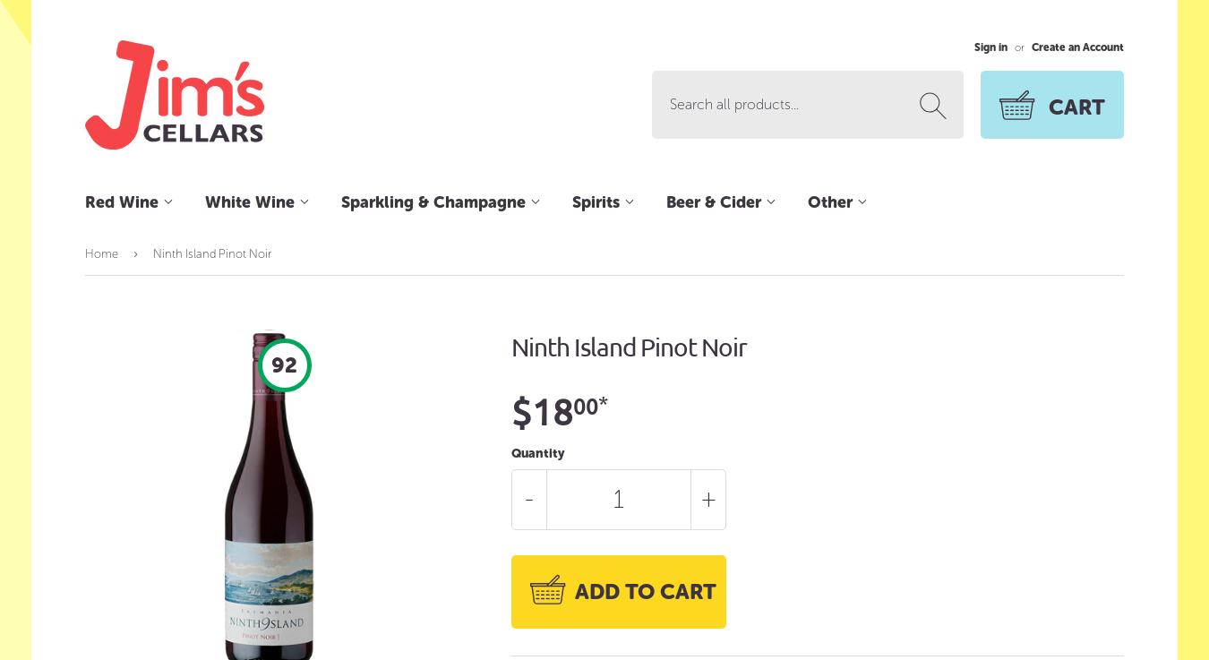 The image size is (1209, 660). I want to click on 'Imported Sparkling Wine', so click(340, 337).